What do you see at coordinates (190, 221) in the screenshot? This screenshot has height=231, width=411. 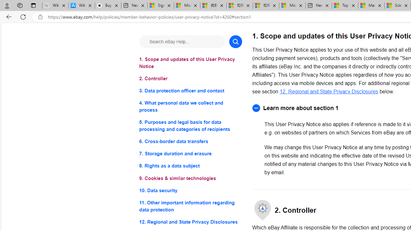 I see `'12. Regional and State Privacy Disclosures'` at bounding box center [190, 221].